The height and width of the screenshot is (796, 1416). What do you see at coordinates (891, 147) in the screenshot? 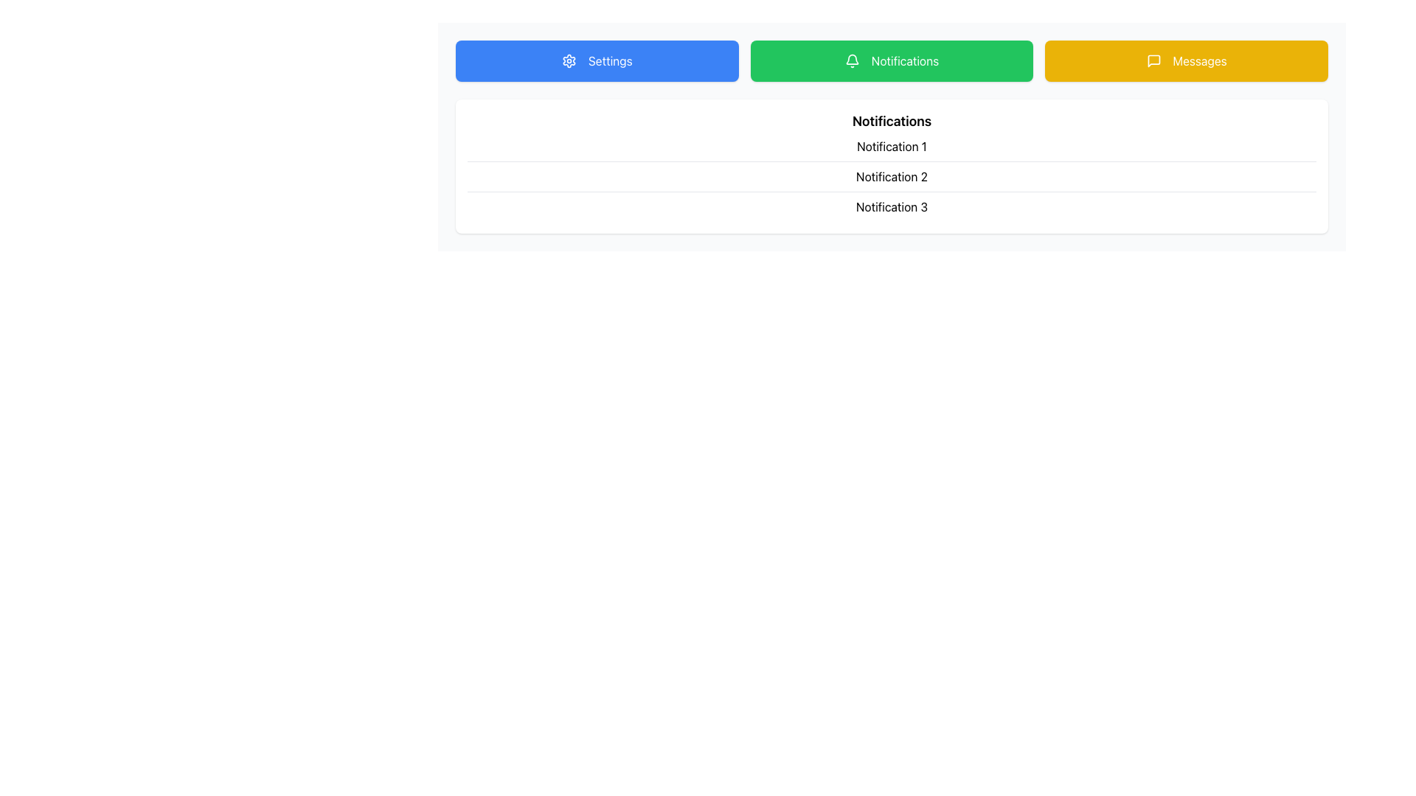
I see `text content of the notification entry label located under the 'Notifications' section, which is the first item in the vertically stacked list of notifications` at bounding box center [891, 147].